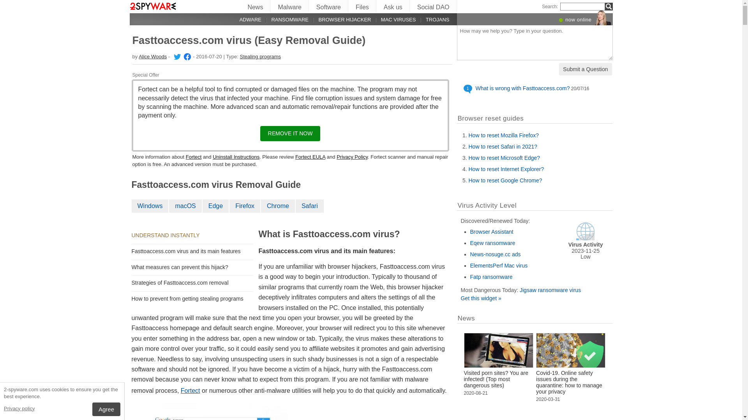 The image size is (748, 420). Describe the element at coordinates (585, 238) in the screenshot. I see `'Virus Activity'` at that location.